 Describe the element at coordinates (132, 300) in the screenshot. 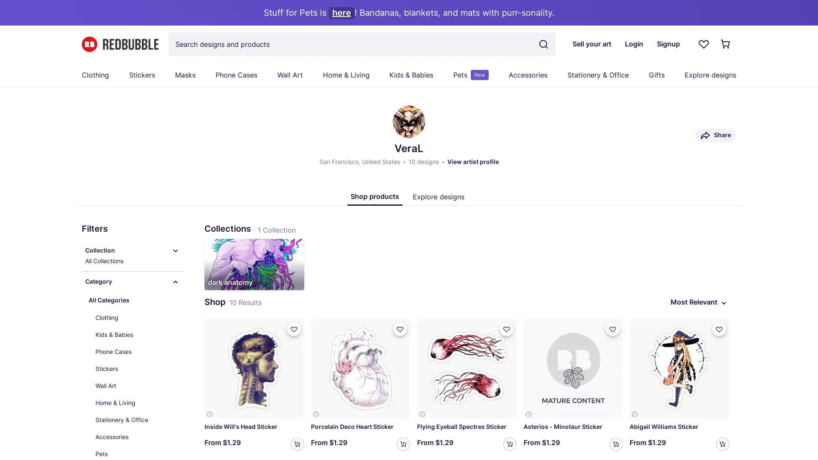

I see `All Categories` at that location.